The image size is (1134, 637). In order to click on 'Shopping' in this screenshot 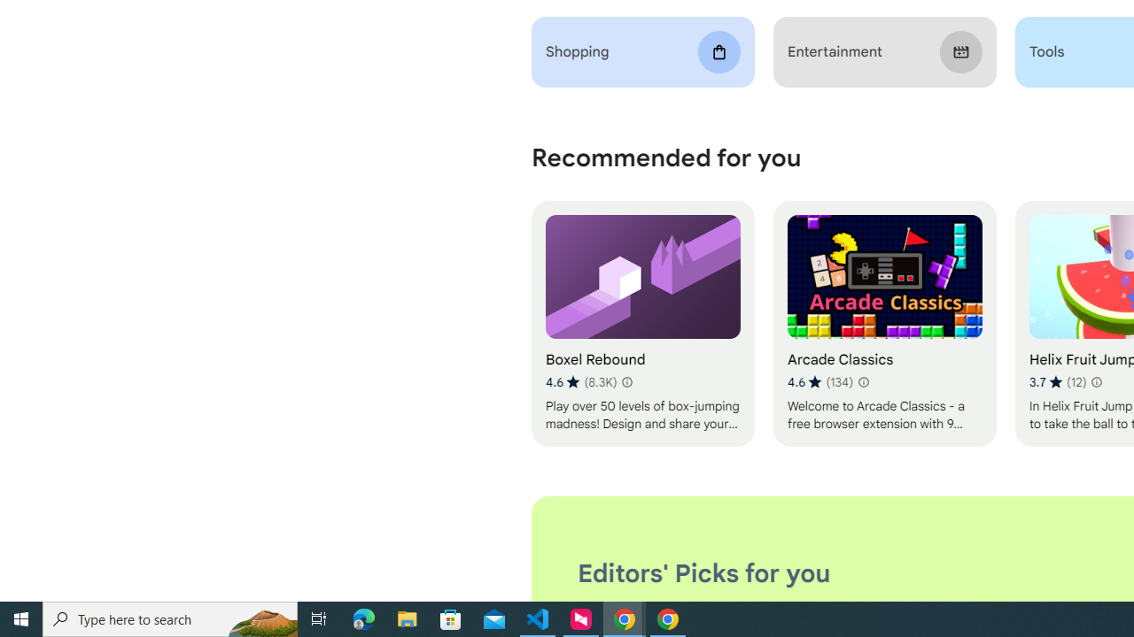, I will do `click(641, 51)`.